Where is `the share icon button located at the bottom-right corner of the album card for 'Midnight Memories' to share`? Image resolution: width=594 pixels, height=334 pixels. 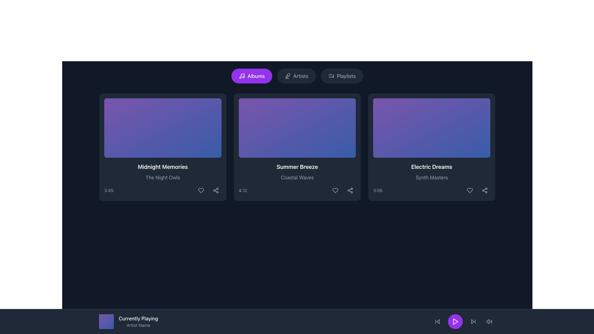
the share icon button located at the bottom-right corner of the album card for 'Midnight Memories' to share is located at coordinates (216, 190).